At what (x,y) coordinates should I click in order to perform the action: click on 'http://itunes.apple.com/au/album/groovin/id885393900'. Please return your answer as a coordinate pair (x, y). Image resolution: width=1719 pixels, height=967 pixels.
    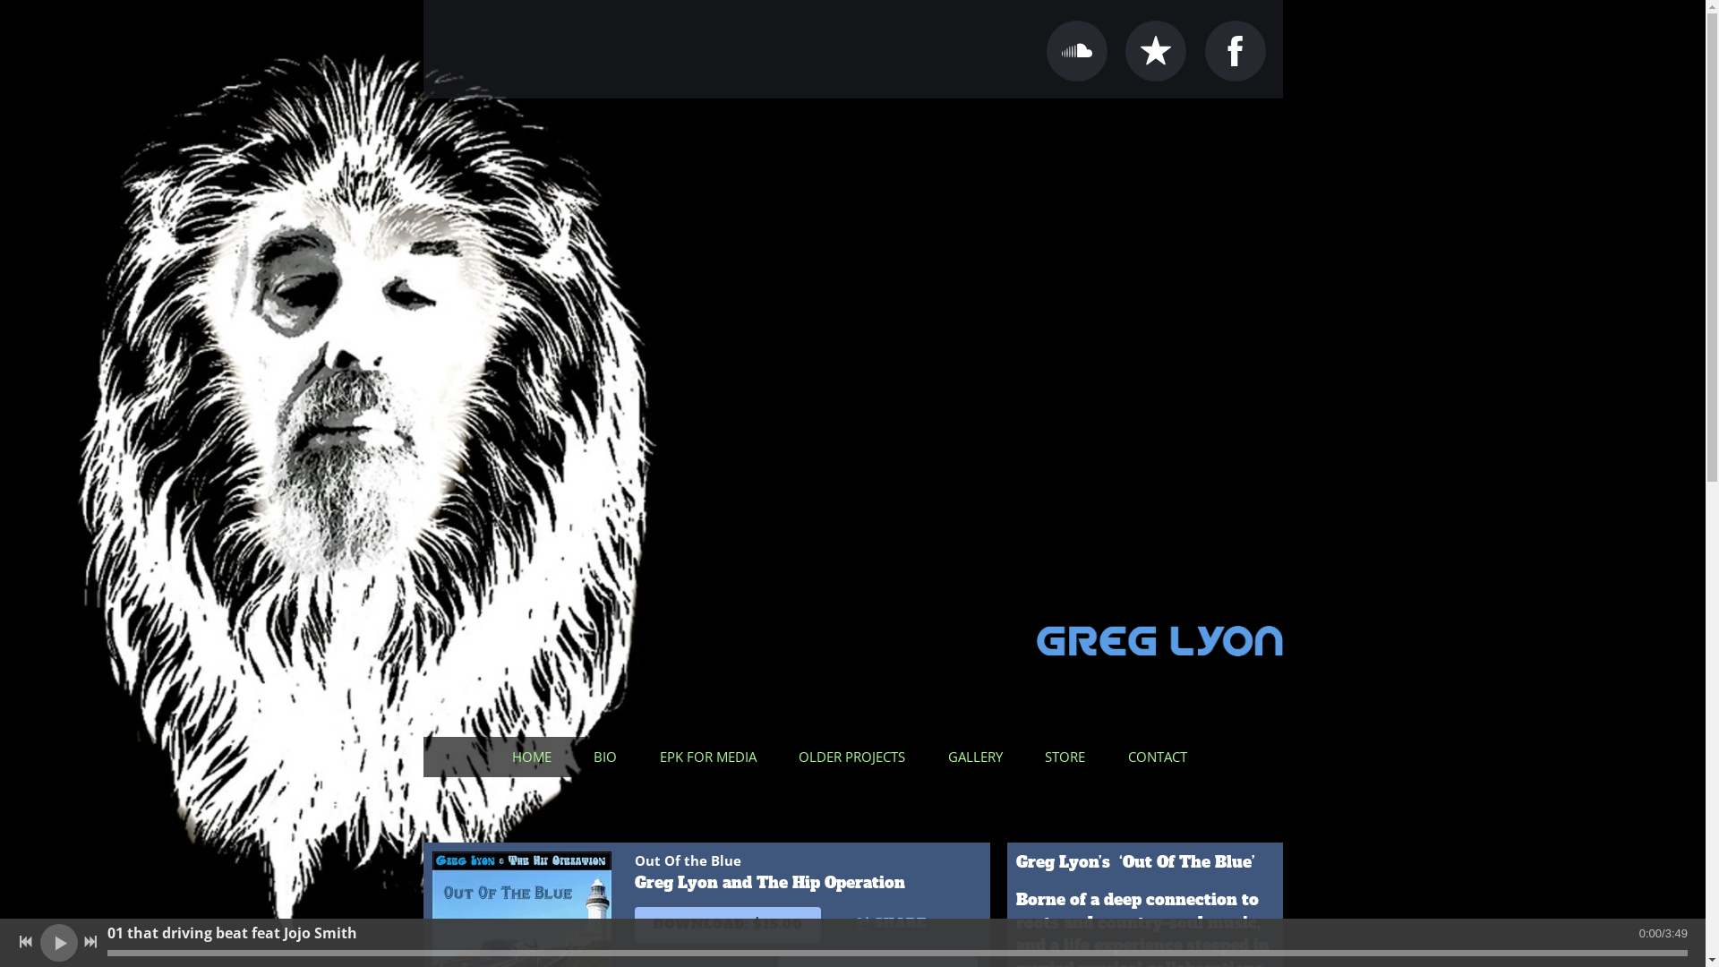
    Looking at the image, I should click on (1156, 50).